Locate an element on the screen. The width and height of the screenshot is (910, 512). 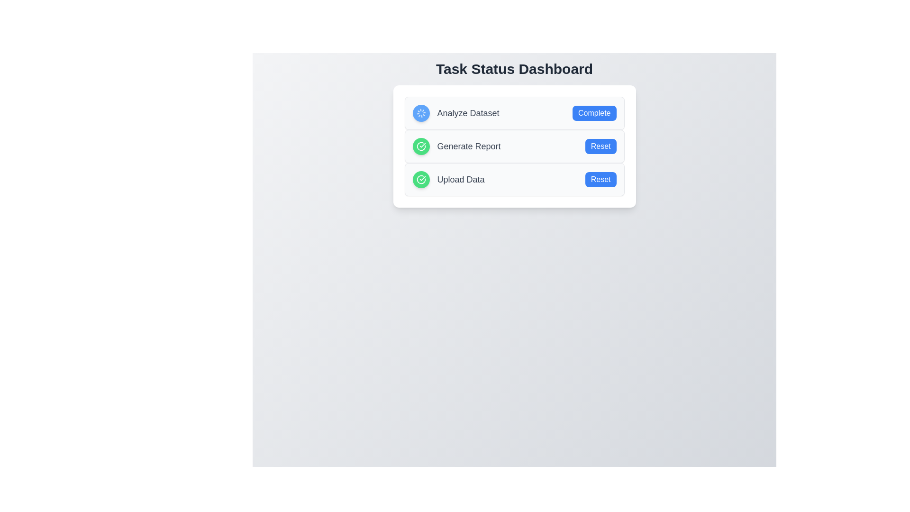
the third status icon that visually represents a completed or confirmed status for the associated task, located to the left of the 'Upload Data' label is located at coordinates (420, 146).